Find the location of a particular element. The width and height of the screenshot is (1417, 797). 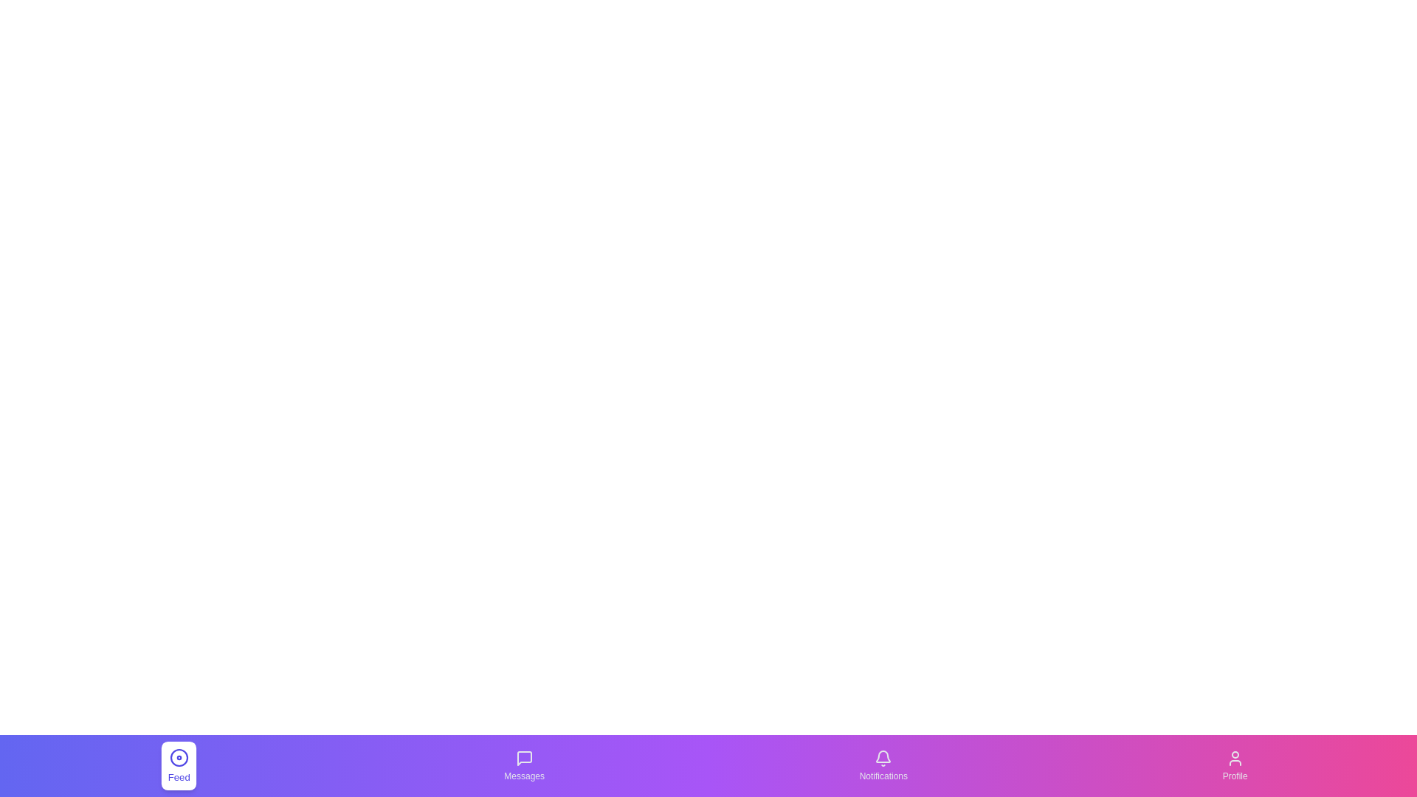

the Profile tab to observe its visual feedback is located at coordinates (1235, 765).